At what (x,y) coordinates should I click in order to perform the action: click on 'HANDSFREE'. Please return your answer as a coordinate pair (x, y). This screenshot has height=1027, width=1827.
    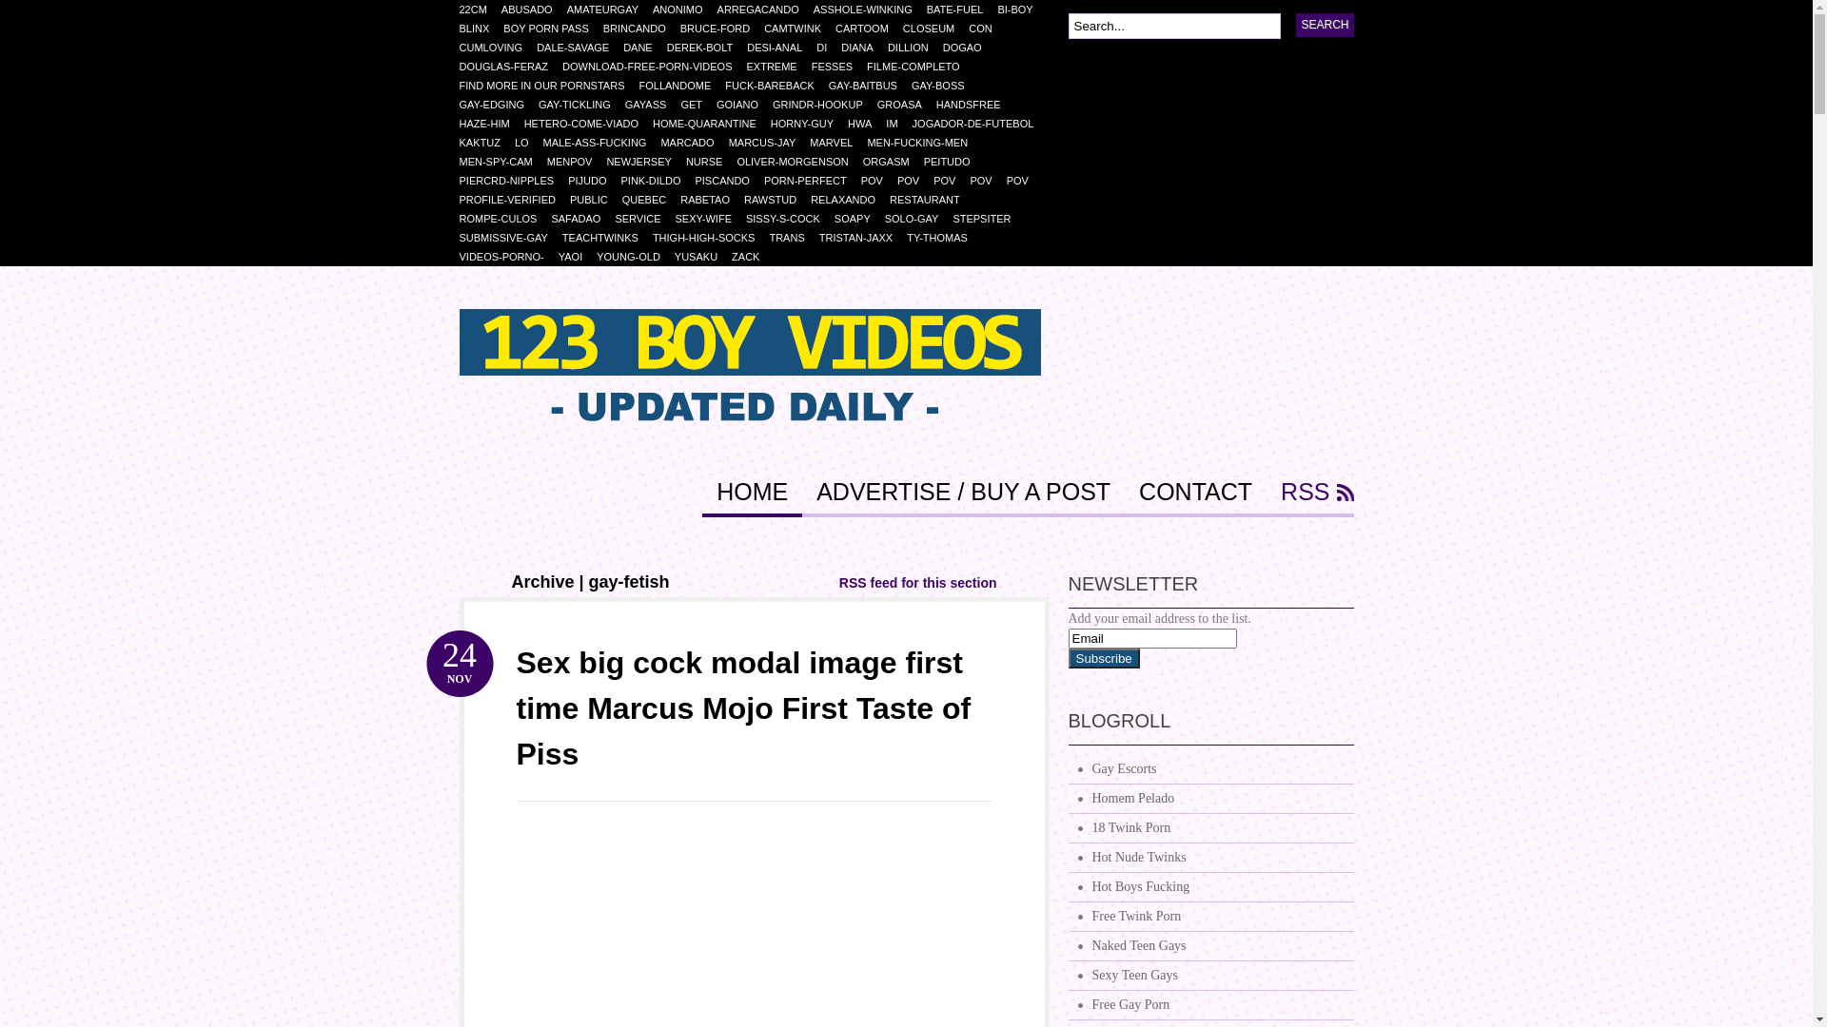
    Looking at the image, I should click on (975, 105).